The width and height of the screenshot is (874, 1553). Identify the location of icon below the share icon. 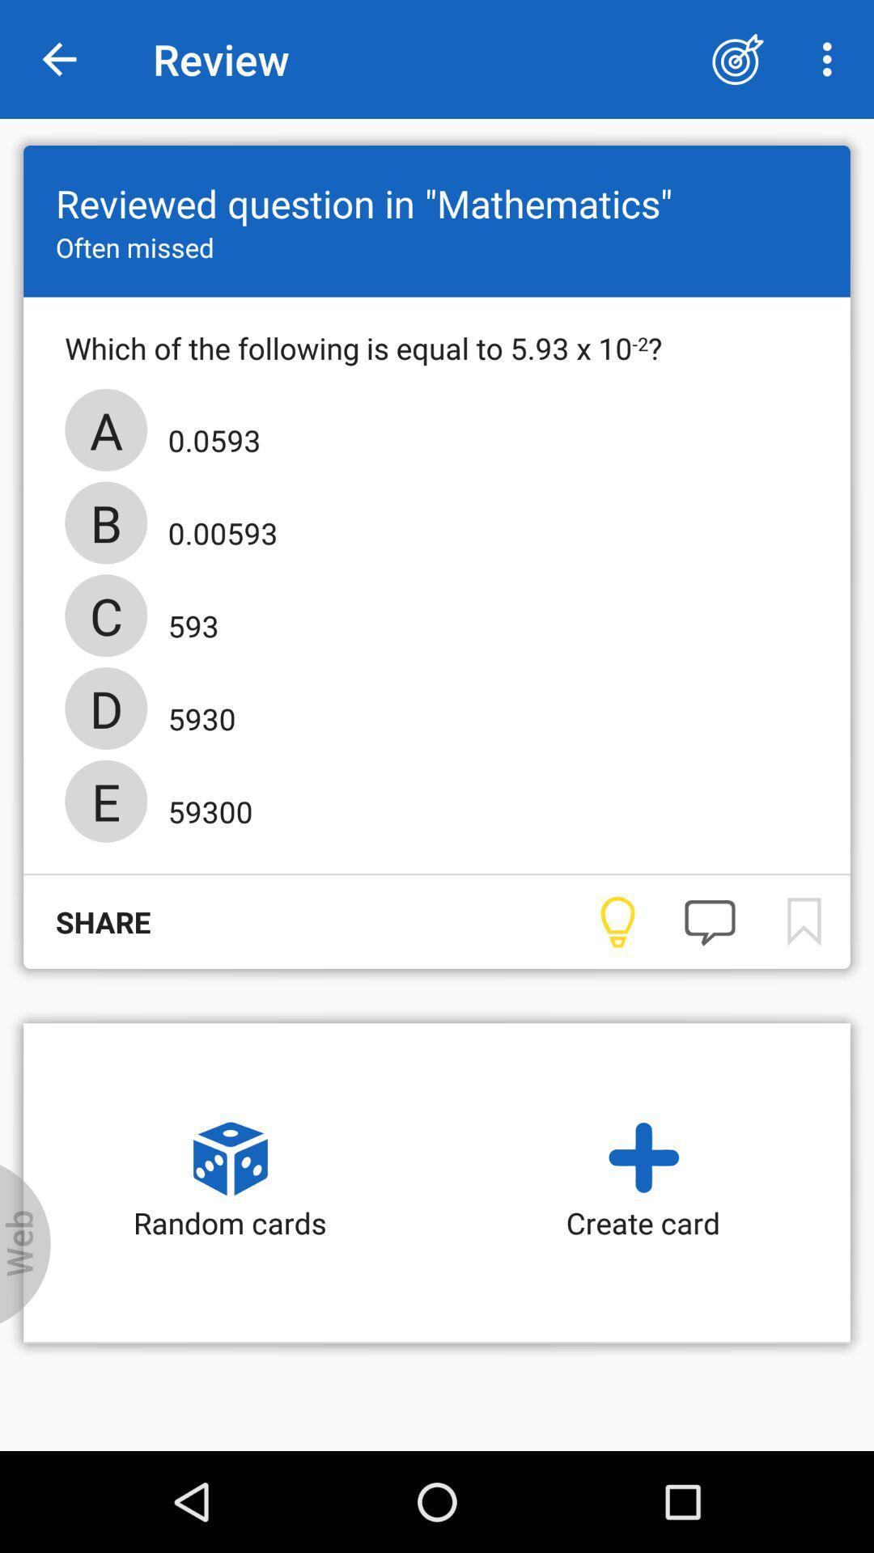
(25, 1243).